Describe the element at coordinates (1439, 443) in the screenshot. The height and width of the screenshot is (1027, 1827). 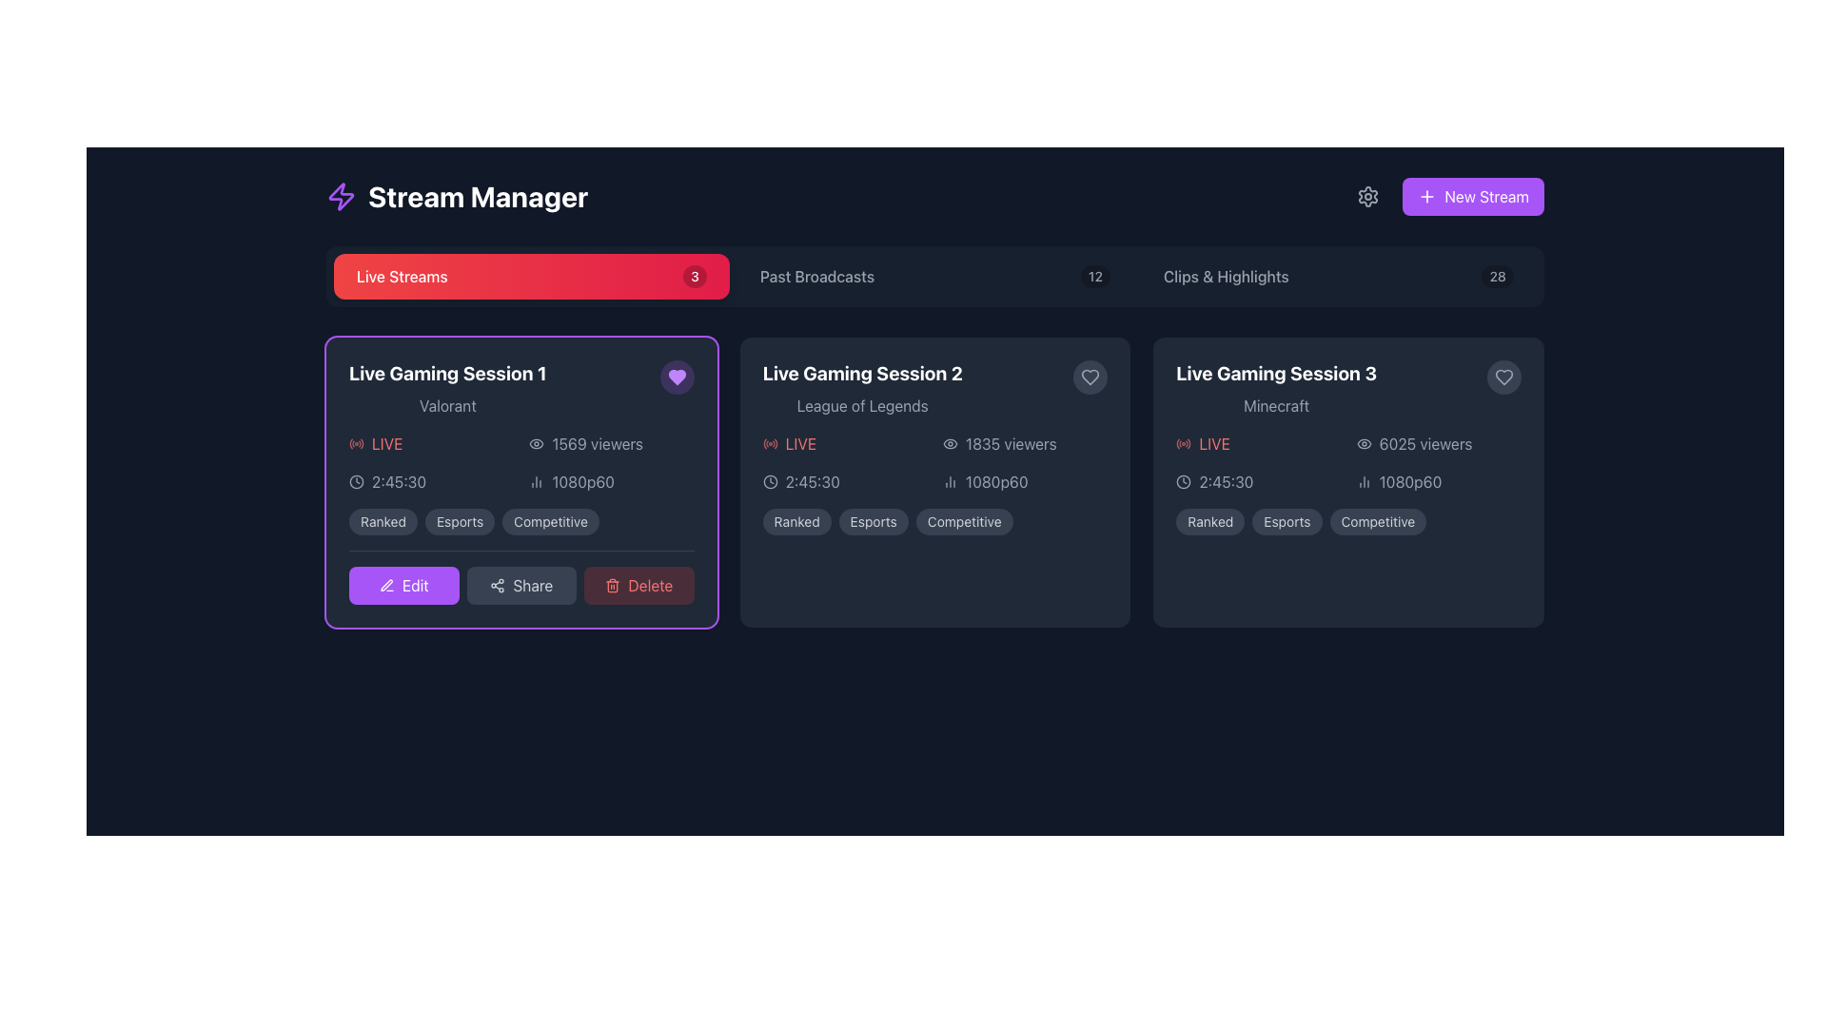
I see `viewer count text next to the decorative icon in the third card of live streaming sessions labeled 'Minecraft'` at that location.